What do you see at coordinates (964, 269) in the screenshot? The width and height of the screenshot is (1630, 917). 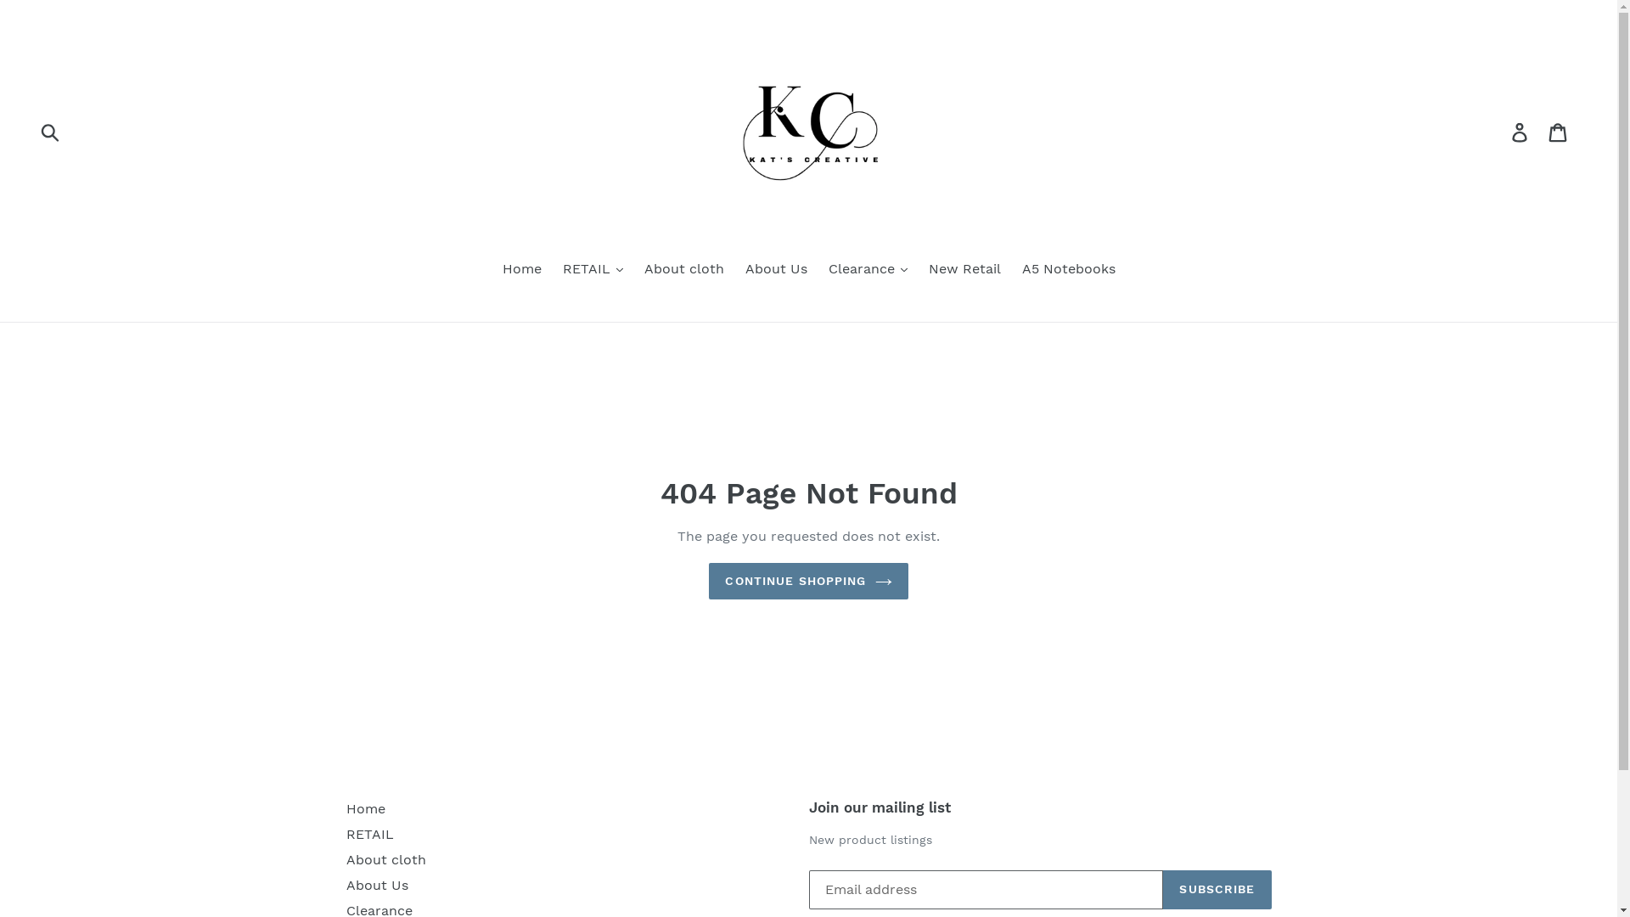 I see `'New Retail'` at bounding box center [964, 269].